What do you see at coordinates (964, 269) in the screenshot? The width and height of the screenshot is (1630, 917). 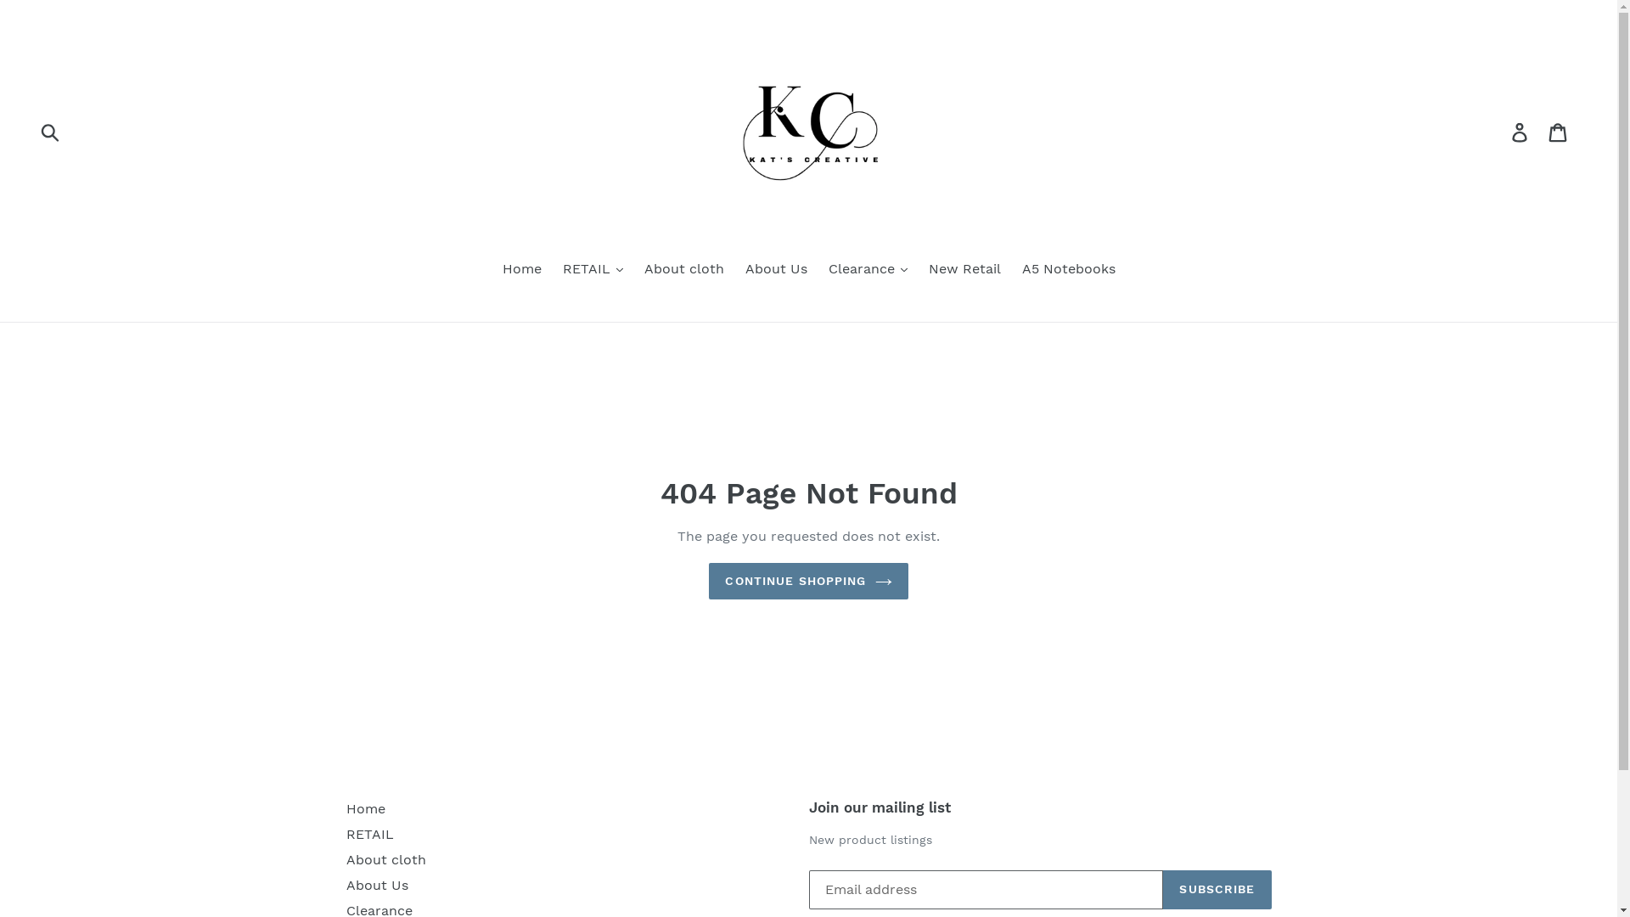 I see `'New Retail'` at bounding box center [964, 269].